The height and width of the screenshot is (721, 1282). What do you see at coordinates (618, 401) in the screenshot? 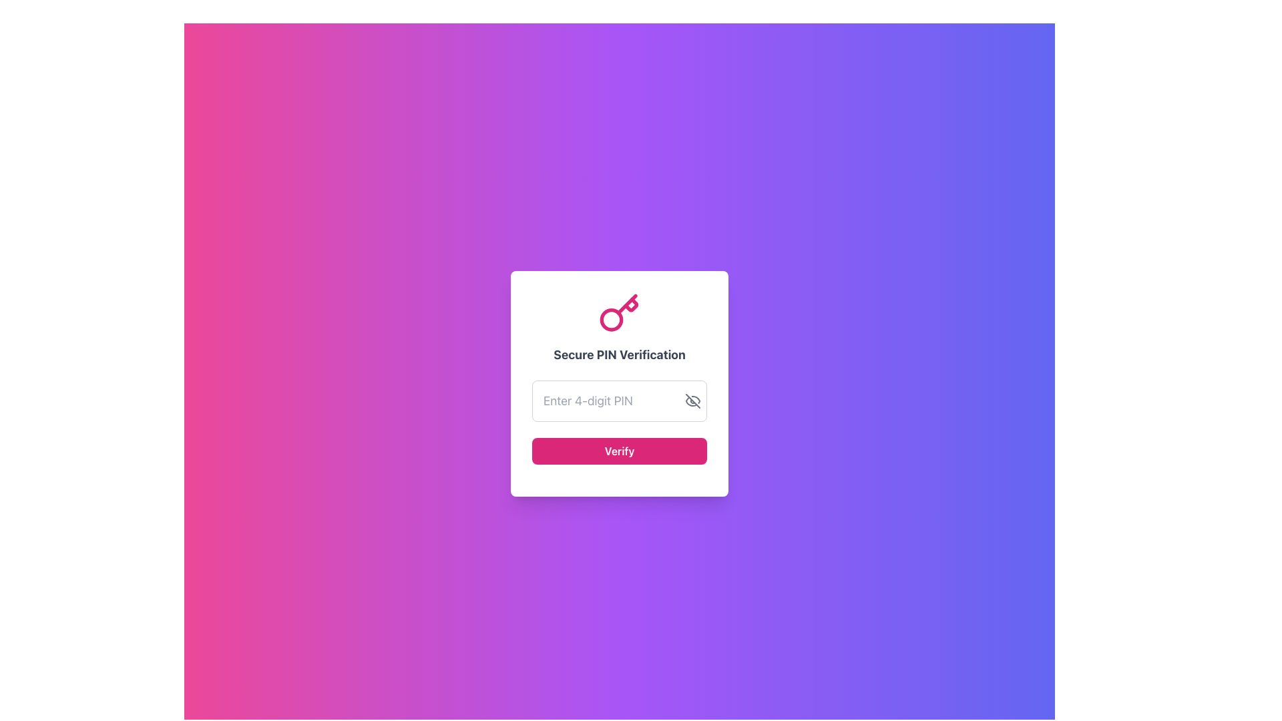
I see `inside the input field for the 4-digit PIN verification, which is located beneath the 'Secure PIN Verification' heading and above the 'Verify' button, to focus it` at bounding box center [618, 401].